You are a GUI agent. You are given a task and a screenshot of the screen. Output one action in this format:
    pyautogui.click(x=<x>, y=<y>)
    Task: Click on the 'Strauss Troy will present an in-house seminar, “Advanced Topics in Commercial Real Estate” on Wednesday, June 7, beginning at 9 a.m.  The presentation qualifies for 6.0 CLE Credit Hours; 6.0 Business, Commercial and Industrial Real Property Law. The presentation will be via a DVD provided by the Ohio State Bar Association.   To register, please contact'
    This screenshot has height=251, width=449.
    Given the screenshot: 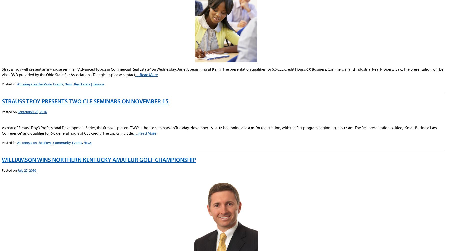 What is the action you would take?
    pyautogui.click(x=222, y=71)
    